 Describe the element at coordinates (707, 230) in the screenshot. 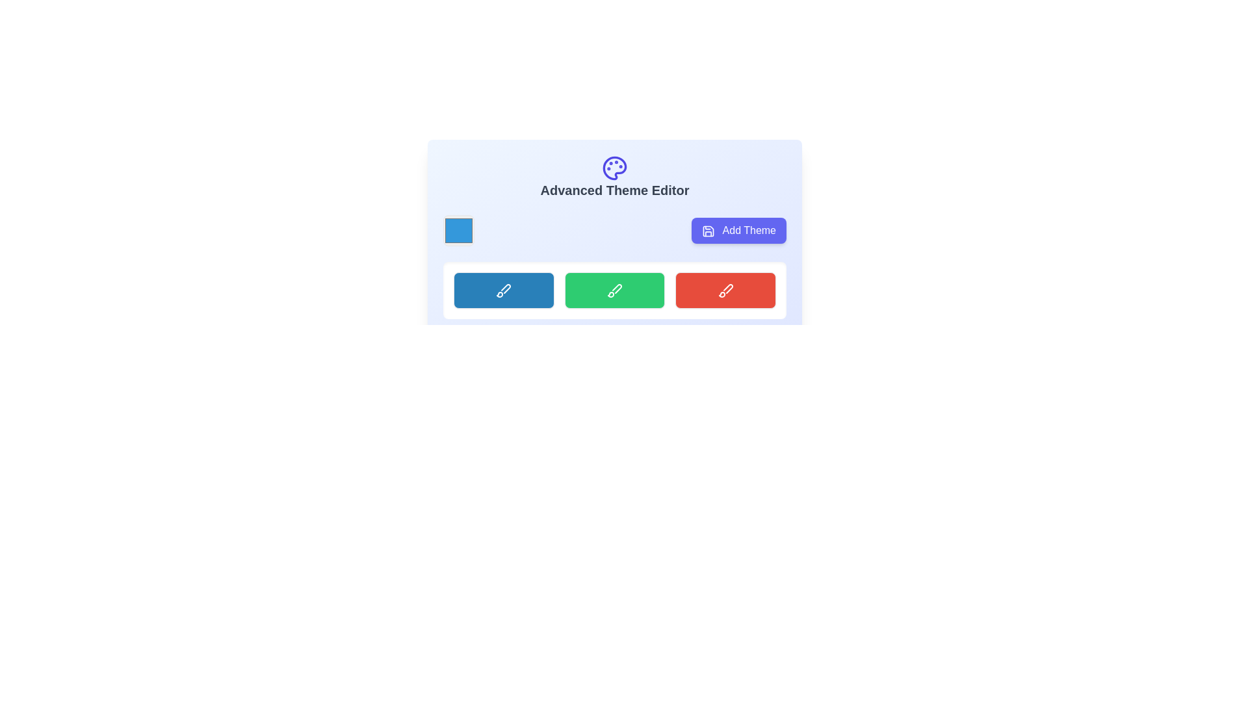

I see `the save-symbol icon located within the blue 'Add Theme' button` at that location.